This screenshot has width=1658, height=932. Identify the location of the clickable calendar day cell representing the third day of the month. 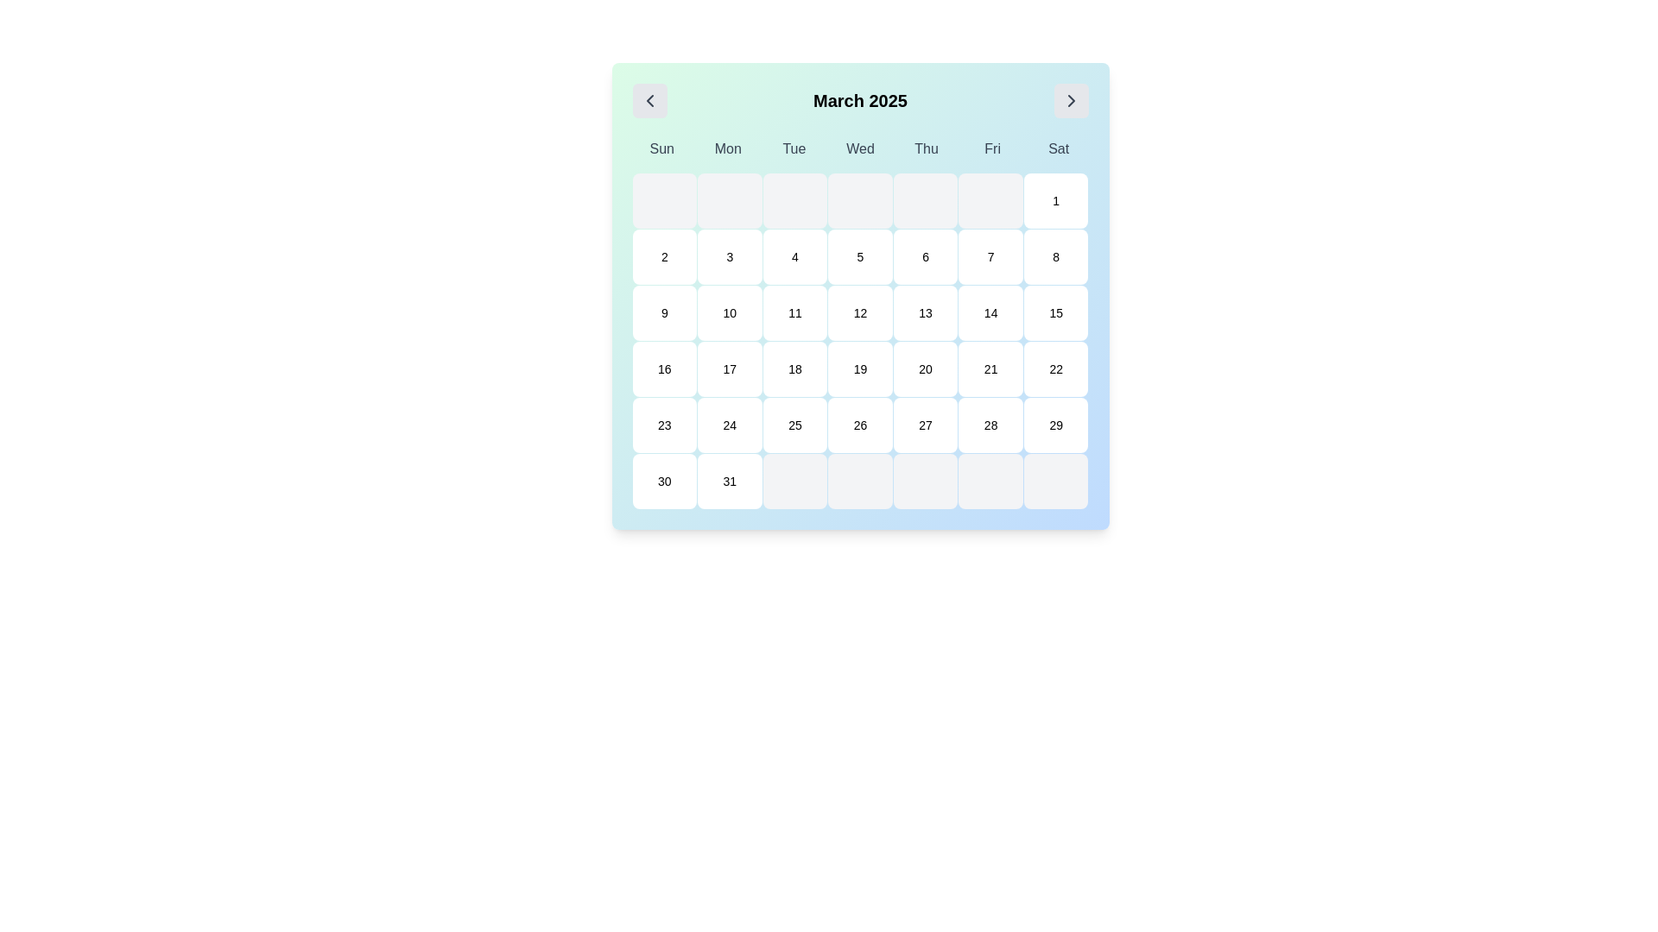
(730, 256).